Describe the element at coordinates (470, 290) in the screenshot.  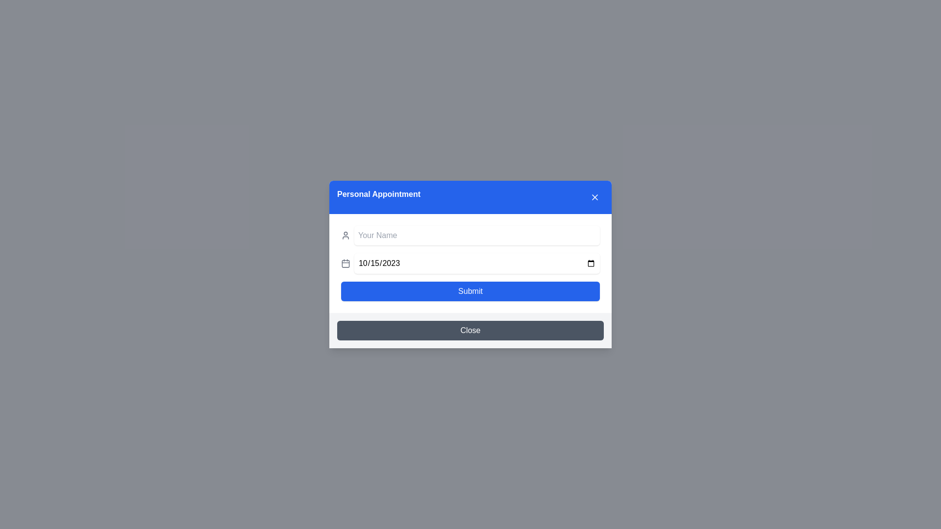
I see `the blue 'Submit' button centered in the modal for 'Personal Appointment'` at that location.